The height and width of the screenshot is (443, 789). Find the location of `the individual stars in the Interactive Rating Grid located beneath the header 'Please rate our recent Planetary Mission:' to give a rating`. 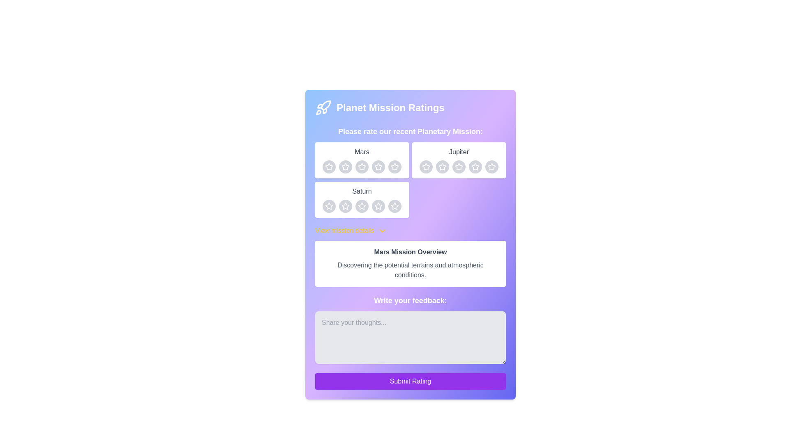

the individual stars in the Interactive Rating Grid located beneath the header 'Please rate our recent Planetary Mission:' to give a rating is located at coordinates (410, 180).